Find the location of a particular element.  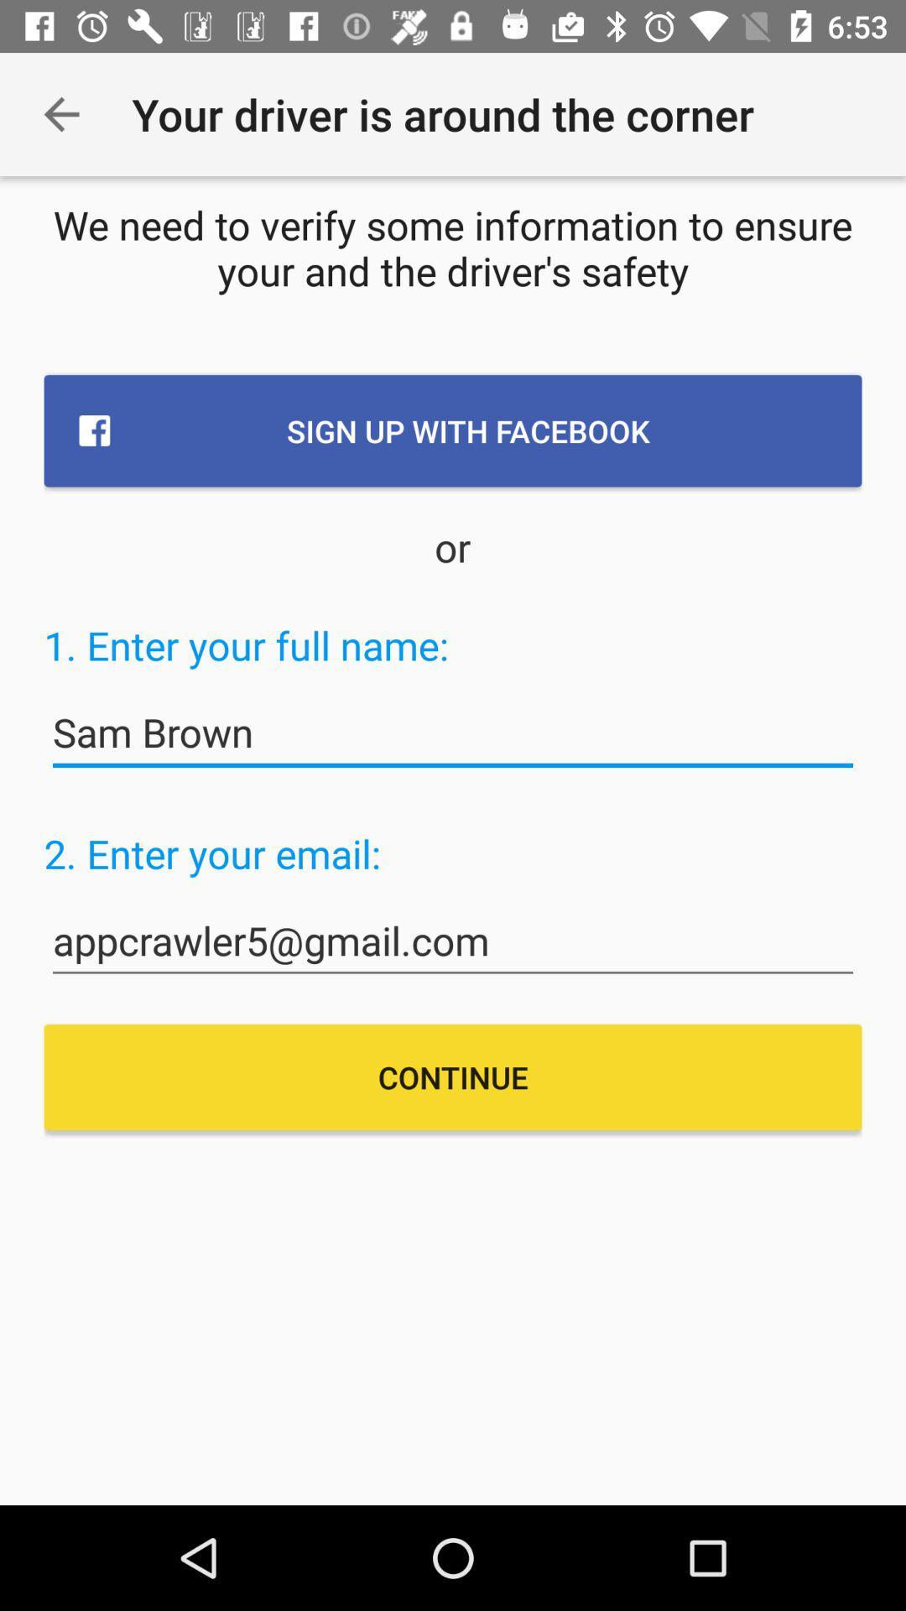

the continue is located at coordinates (453, 1077).